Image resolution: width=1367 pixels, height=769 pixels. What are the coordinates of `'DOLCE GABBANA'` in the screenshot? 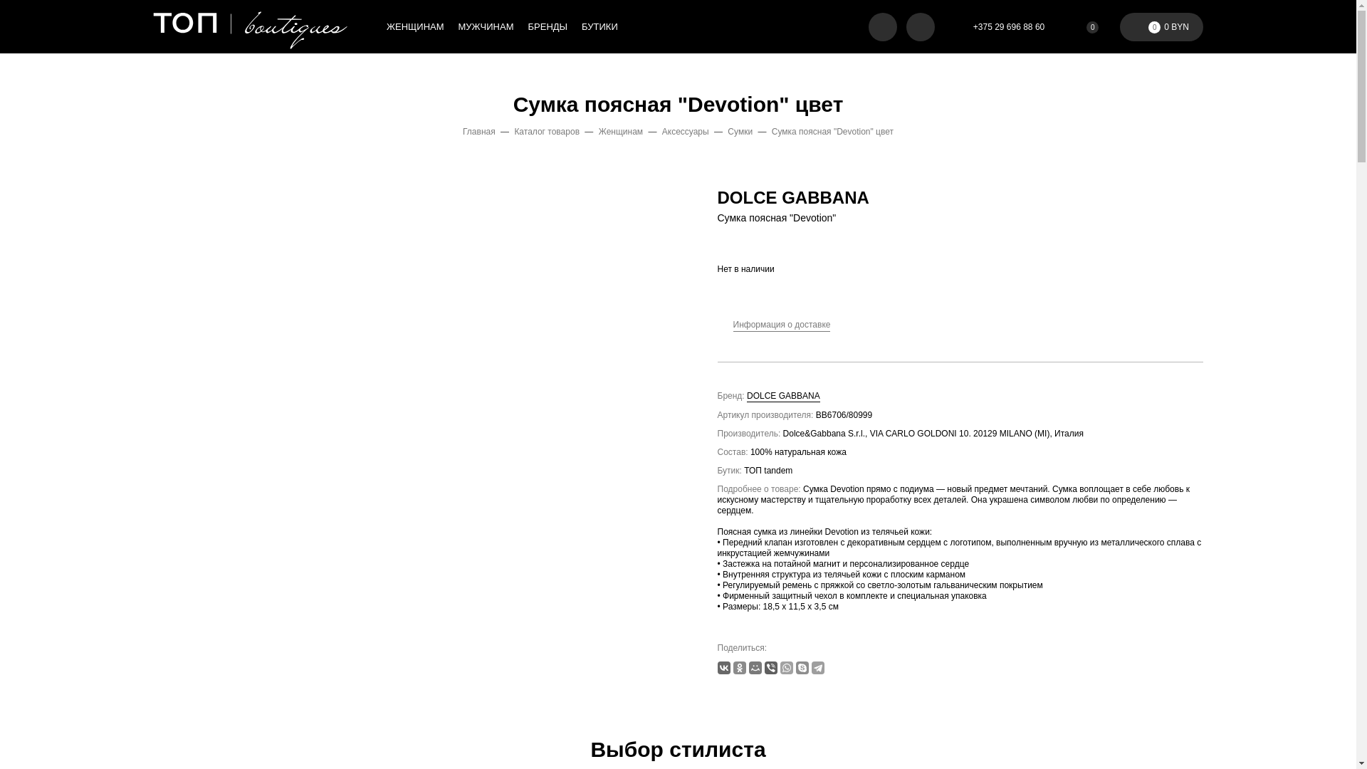 It's located at (792, 197).